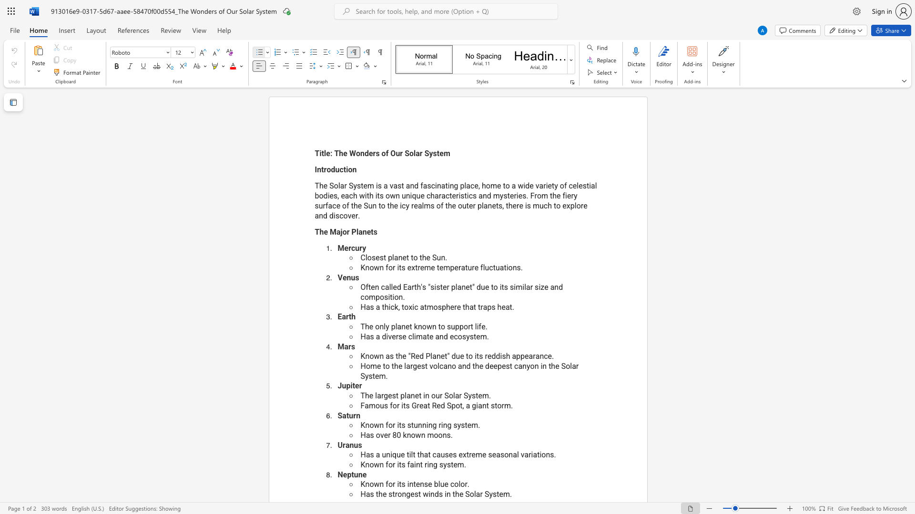 This screenshot has height=514, width=915. Describe the element at coordinates (407, 435) in the screenshot. I see `the space between the continuous character "k" and "n" in the text` at that location.